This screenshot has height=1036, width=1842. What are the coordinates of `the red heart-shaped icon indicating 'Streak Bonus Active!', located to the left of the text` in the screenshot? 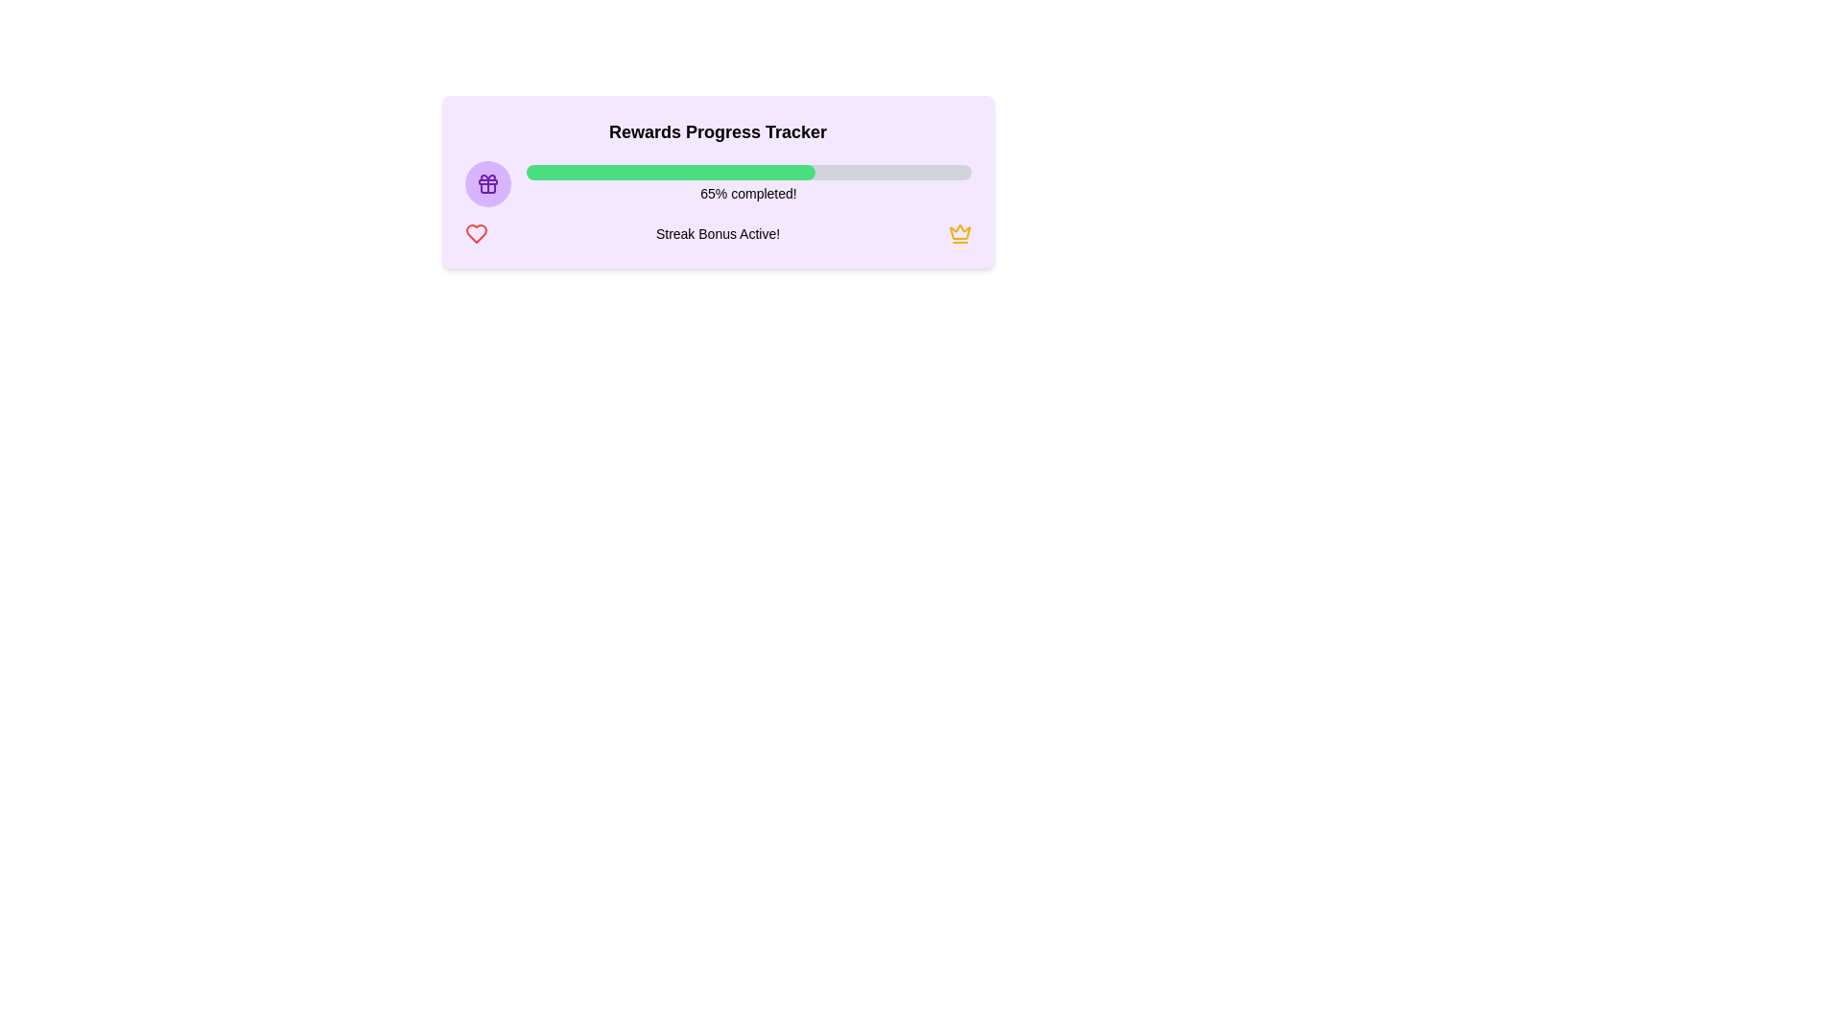 It's located at (476, 232).